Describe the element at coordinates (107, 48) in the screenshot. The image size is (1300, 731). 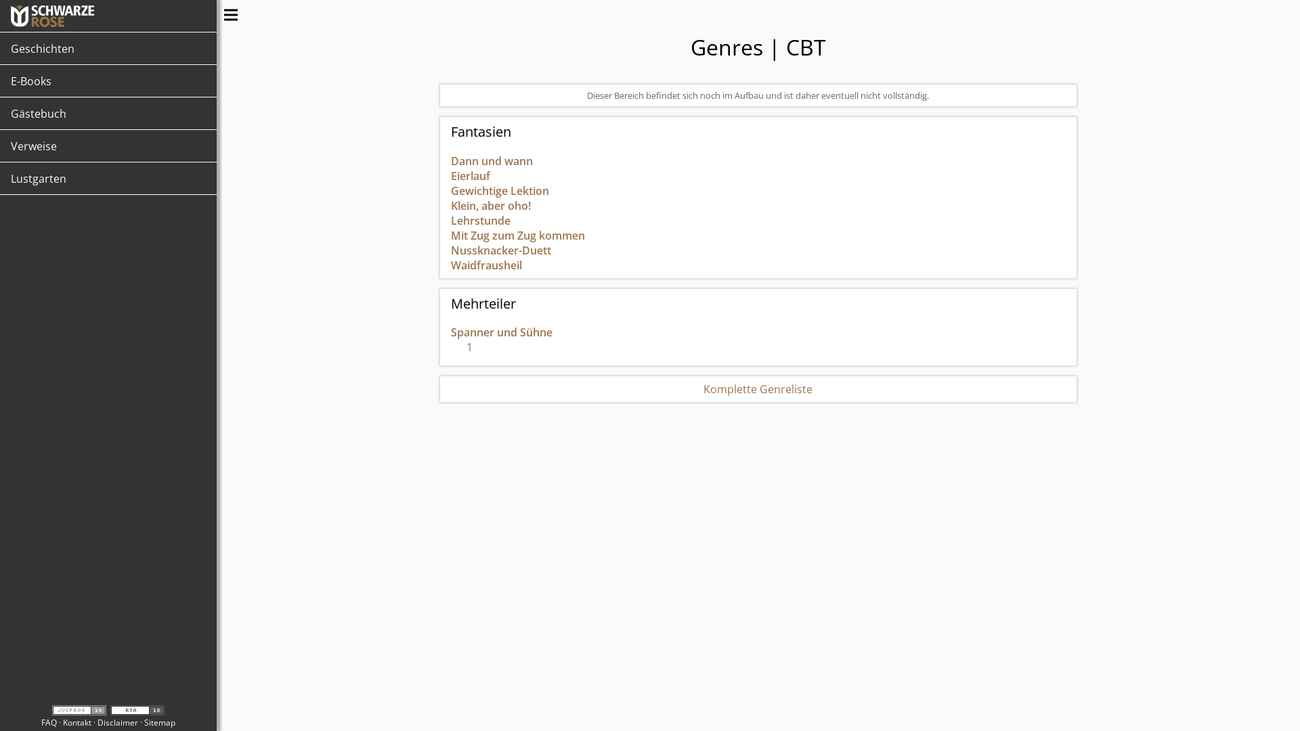
I see `'Geschichten'` at that location.